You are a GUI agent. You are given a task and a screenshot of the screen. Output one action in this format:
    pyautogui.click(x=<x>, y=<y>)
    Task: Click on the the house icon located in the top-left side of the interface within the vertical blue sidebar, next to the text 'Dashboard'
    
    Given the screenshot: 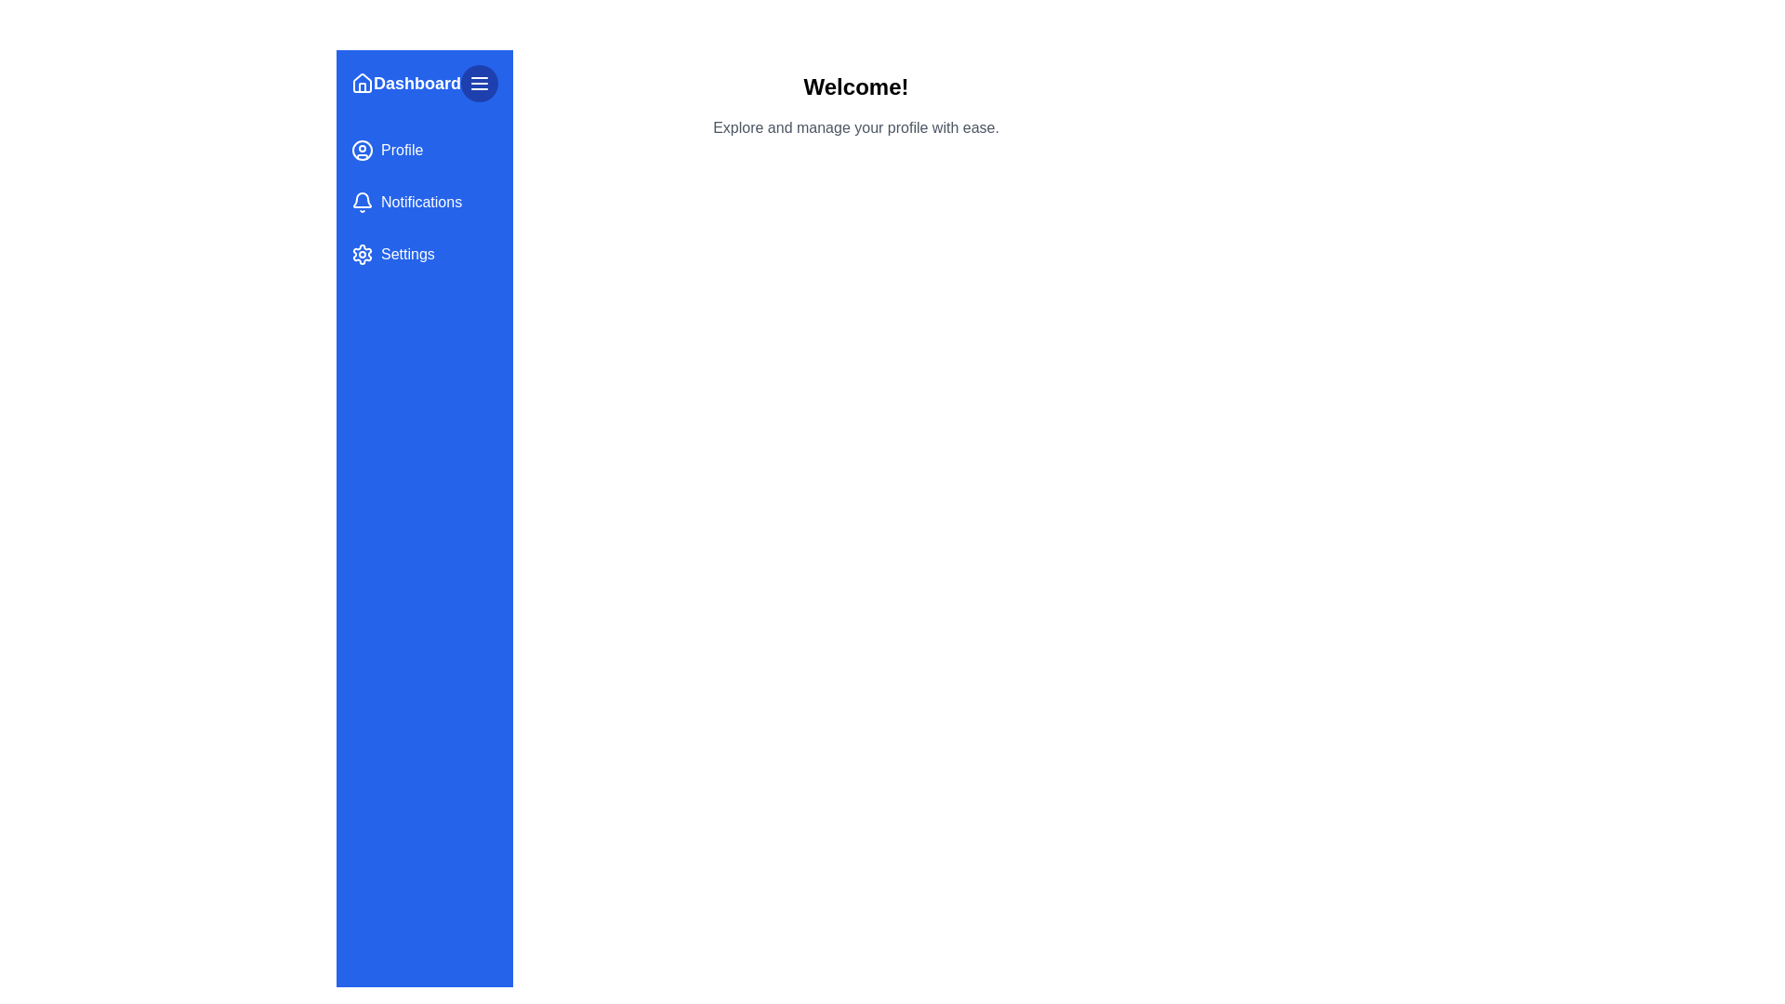 What is the action you would take?
    pyautogui.click(x=362, y=81)
    